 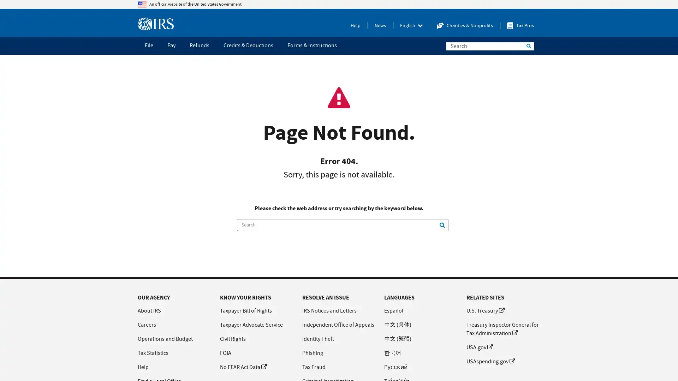 What do you see at coordinates (411, 25) in the screenshot?
I see `Press enter to activate the menu, then navigate with the tab key.` at bounding box center [411, 25].